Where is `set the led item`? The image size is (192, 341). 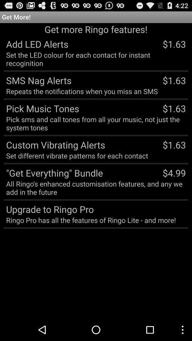
set the led item is located at coordinates (96, 58).